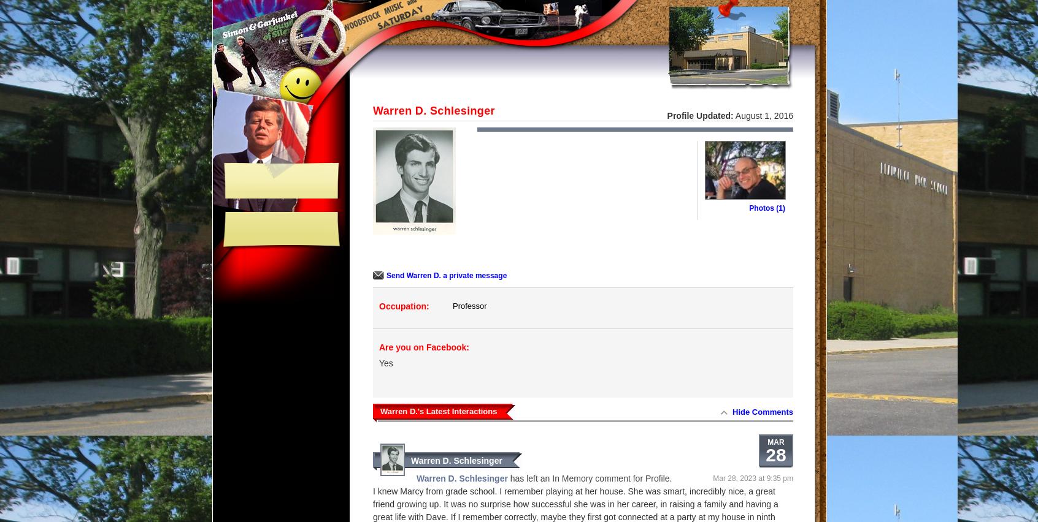  What do you see at coordinates (385, 275) in the screenshot?
I see `'Send Warren D. a private message'` at bounding box center [385, 275].